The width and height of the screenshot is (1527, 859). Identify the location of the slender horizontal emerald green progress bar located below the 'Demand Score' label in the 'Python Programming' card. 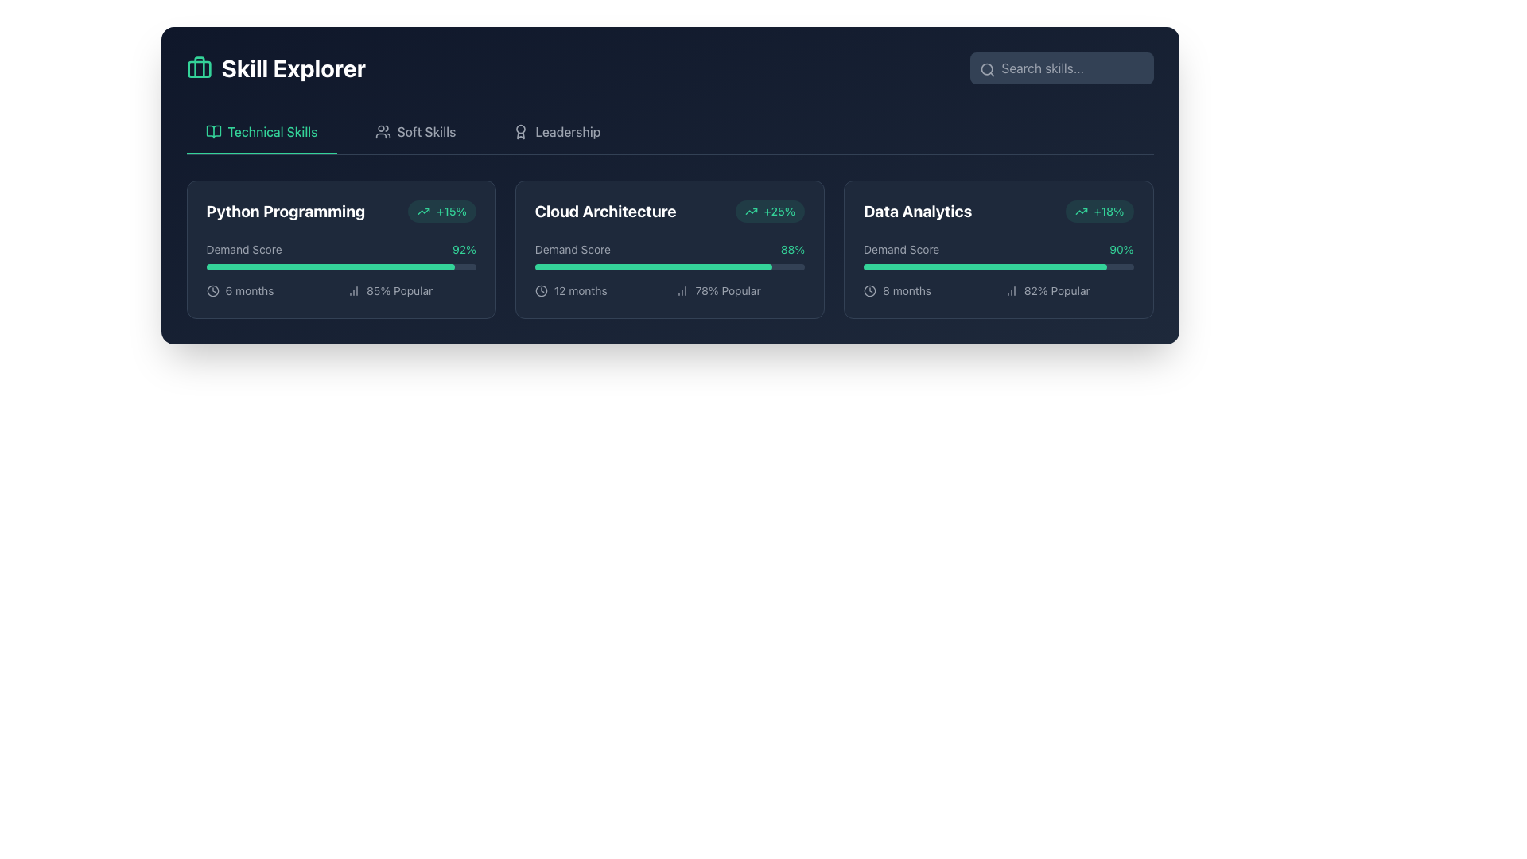
(329, 266).